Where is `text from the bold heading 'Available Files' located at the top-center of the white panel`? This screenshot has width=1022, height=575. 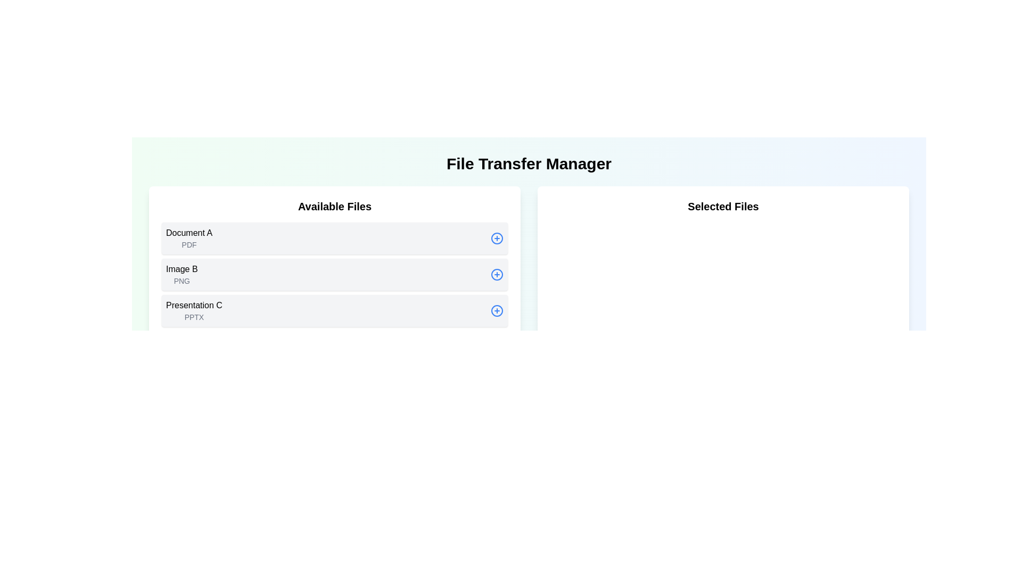
text from the bold heading 'Available Files' located at the top-center of the white panel is located at coordinates (334, 207).